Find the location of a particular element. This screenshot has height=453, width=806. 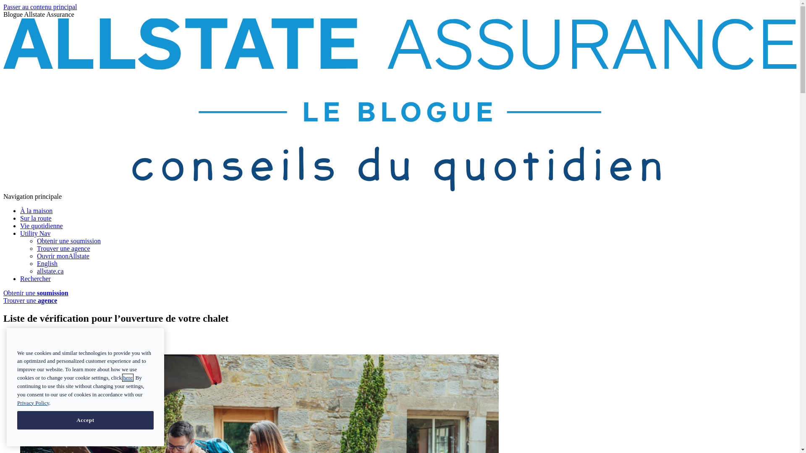

'here' is located at coordinates (127, 377).